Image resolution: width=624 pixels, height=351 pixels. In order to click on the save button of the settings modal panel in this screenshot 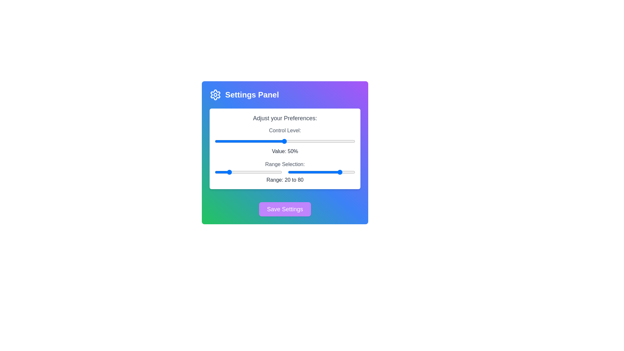, I will do `click(285, 153)`.